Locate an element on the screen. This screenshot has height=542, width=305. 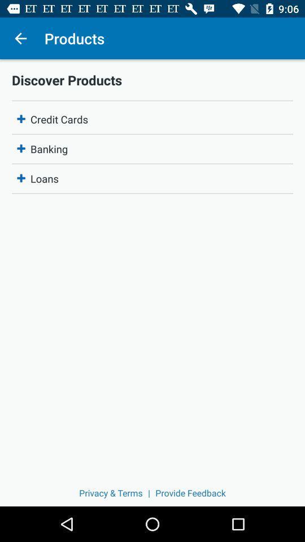
discover products icon is located at coordinates (152, 79).